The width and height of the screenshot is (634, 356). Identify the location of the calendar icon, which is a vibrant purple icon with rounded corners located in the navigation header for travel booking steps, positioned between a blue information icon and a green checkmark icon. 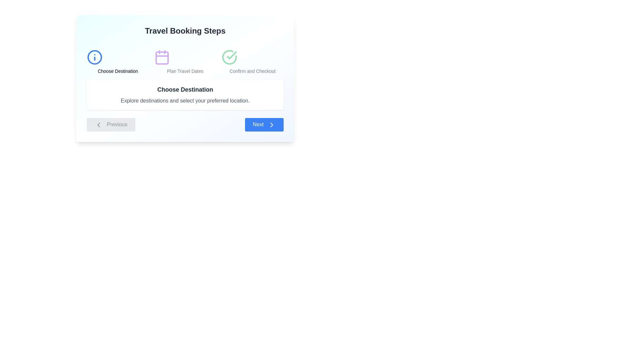
(162, 57).